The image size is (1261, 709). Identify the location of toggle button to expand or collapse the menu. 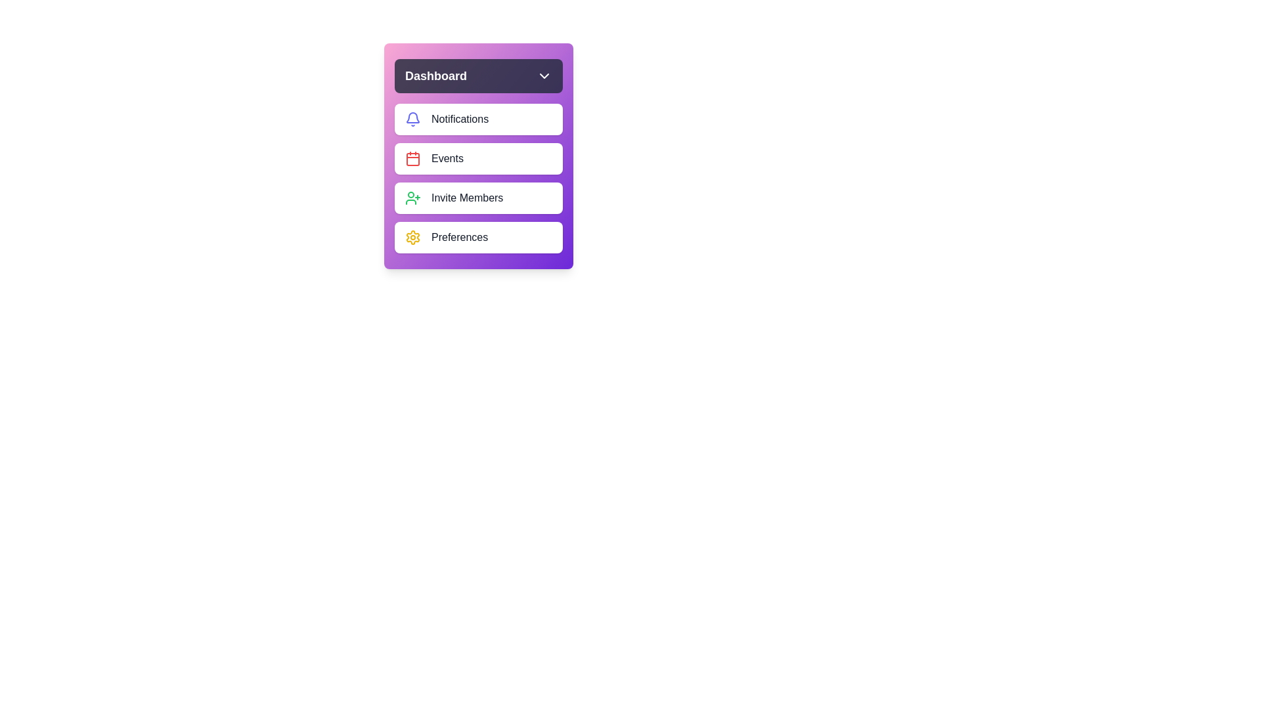
(478, 75).